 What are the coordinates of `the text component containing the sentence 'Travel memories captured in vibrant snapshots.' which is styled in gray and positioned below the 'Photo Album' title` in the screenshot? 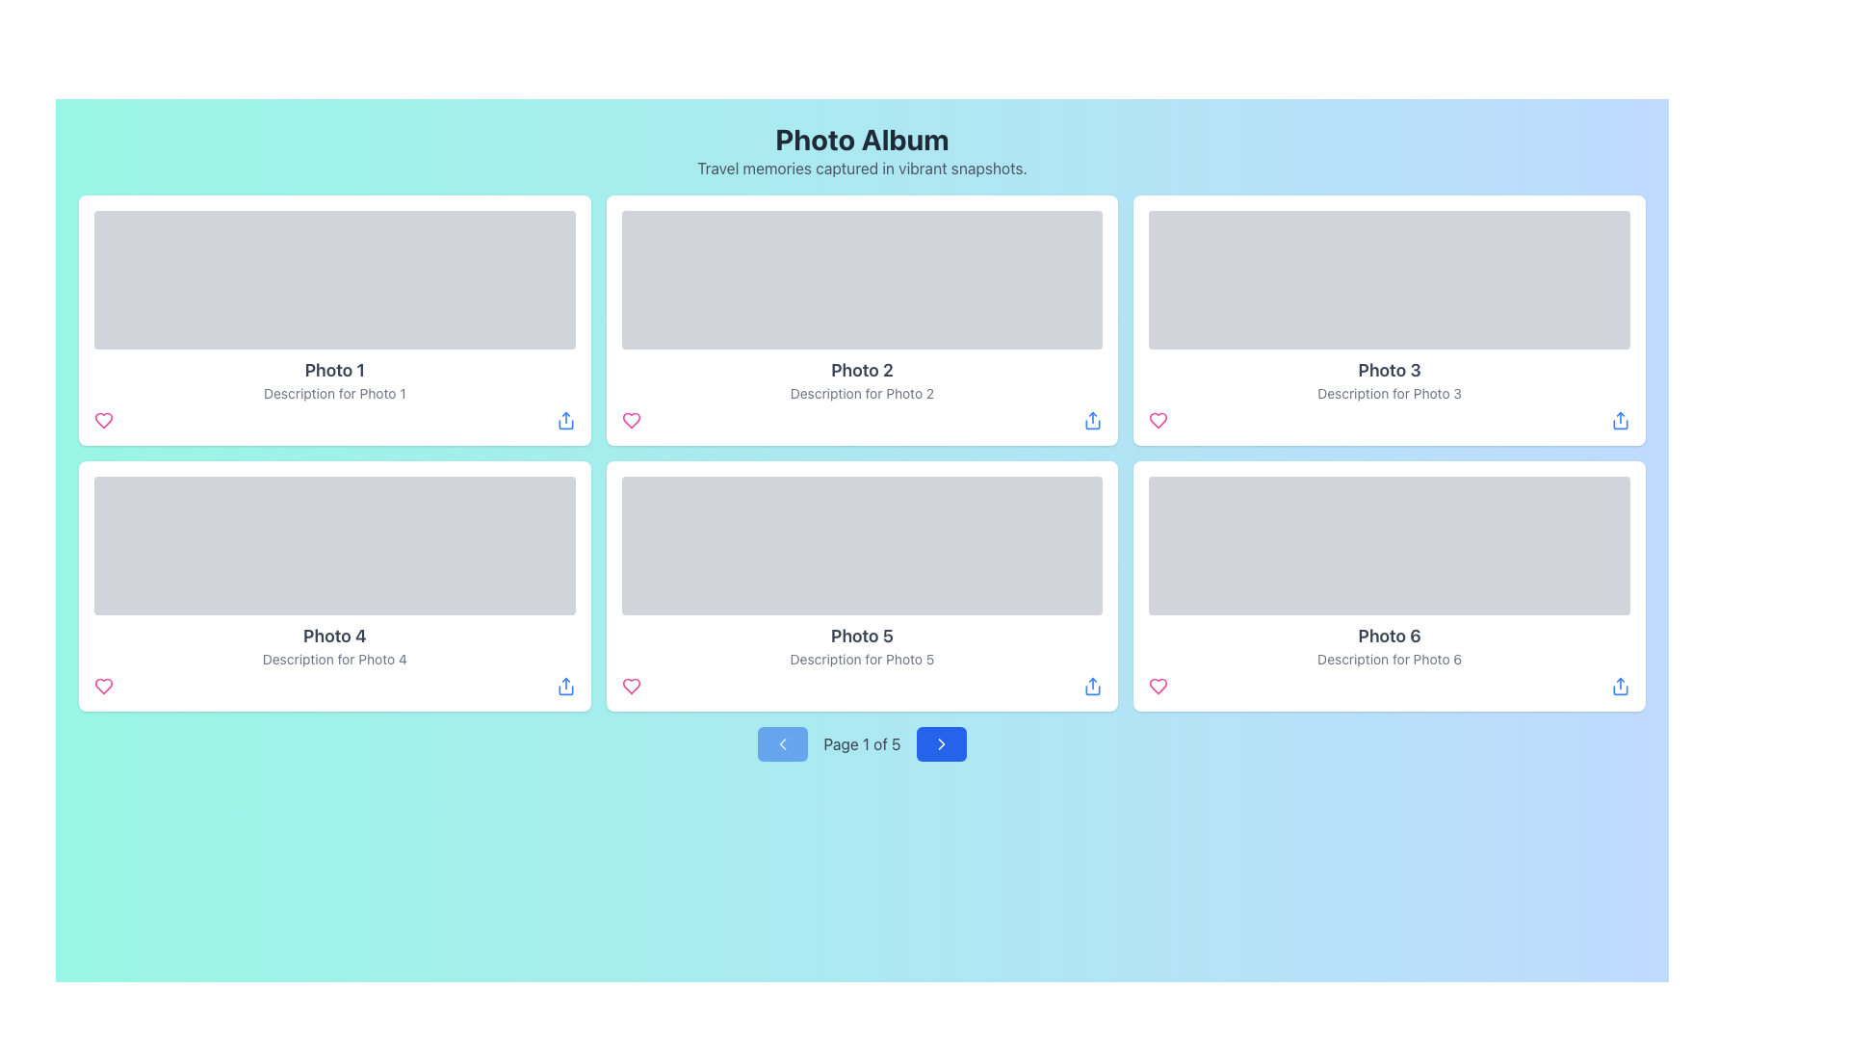 It's located at (861, 167).